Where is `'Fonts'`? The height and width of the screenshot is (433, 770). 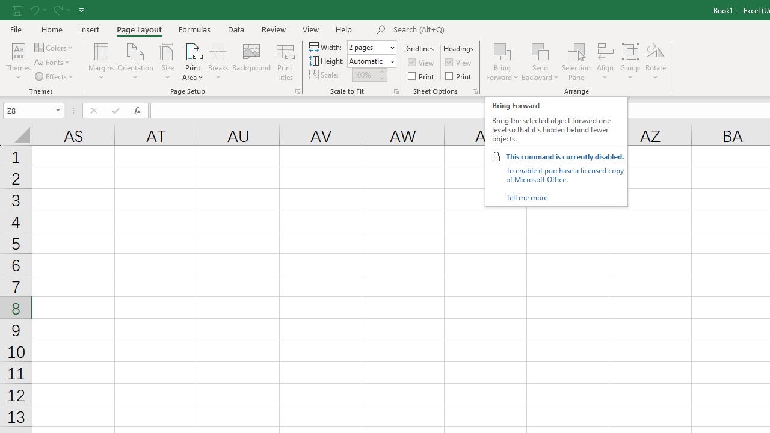 'Fonts' is located at coordinates (52, 62).